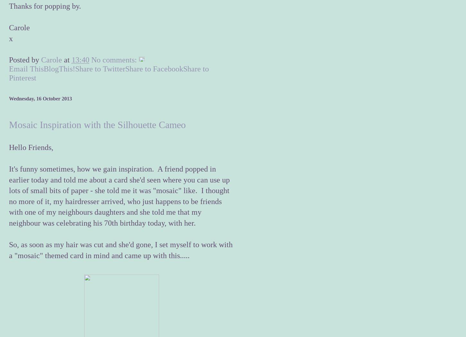 The width and height of the screenshot is (466, 337). Describe the element at coordinates (154, 69) in the screenshot. I see `'Share to Facebook'` at that location.